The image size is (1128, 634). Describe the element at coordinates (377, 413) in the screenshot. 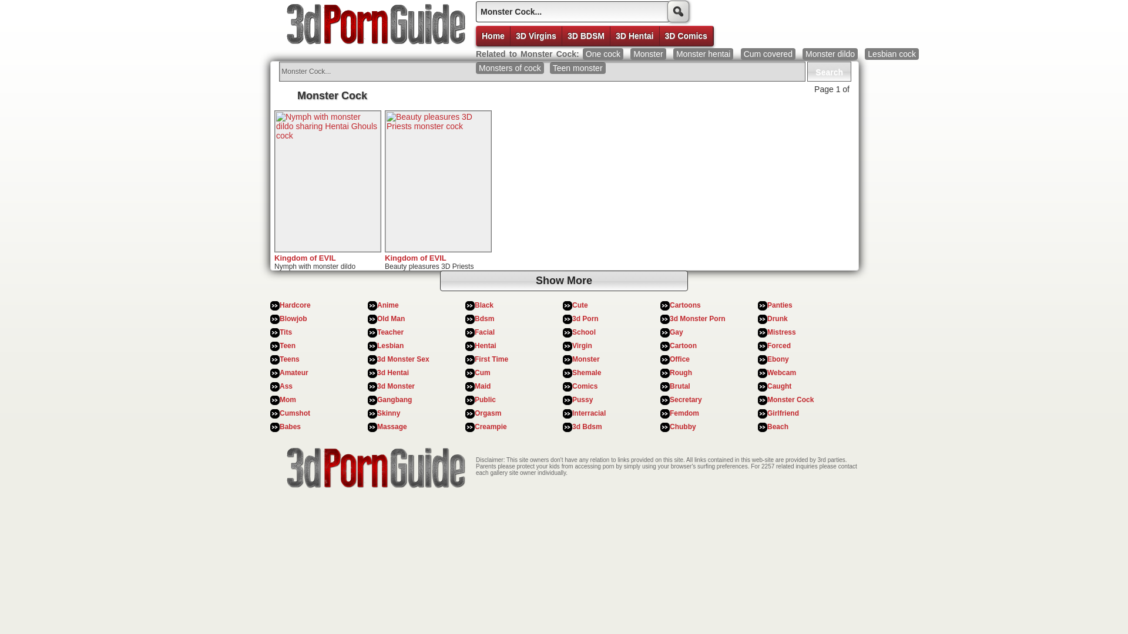

I see `'Skinny'` at that location.